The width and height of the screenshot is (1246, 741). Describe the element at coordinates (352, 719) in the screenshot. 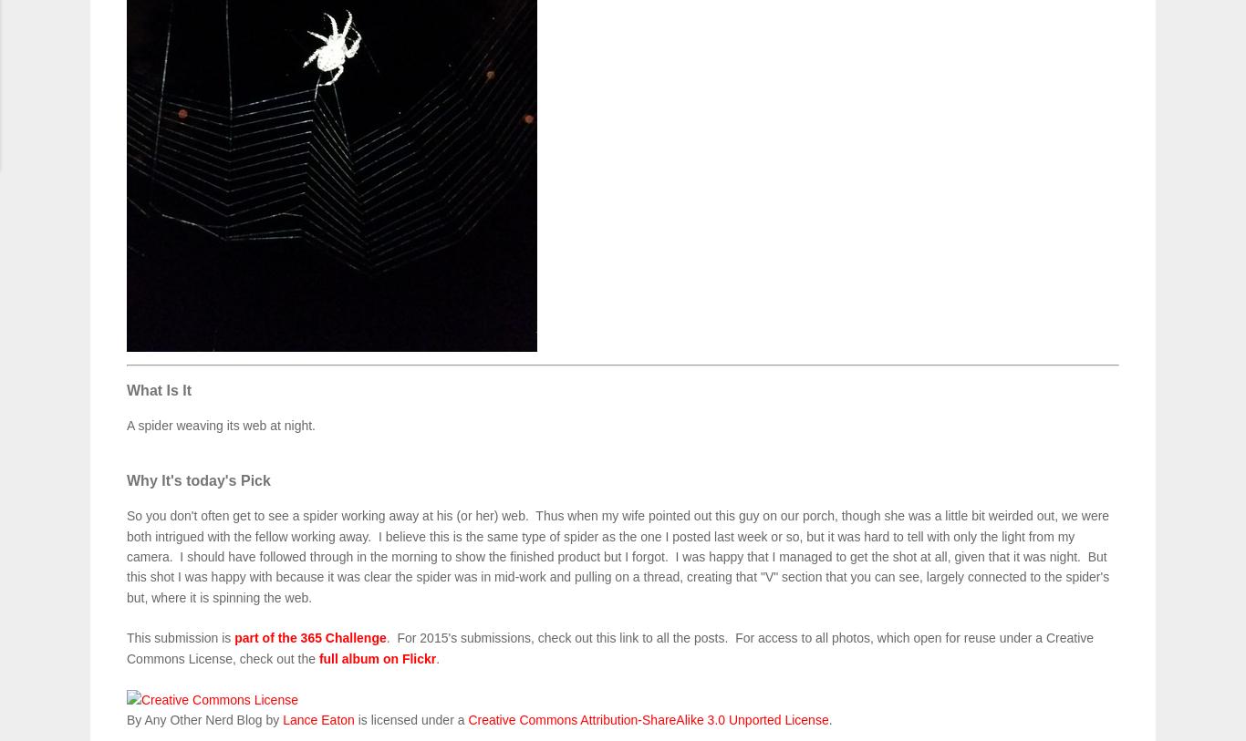

I see `'is licensed under a'` at that location.